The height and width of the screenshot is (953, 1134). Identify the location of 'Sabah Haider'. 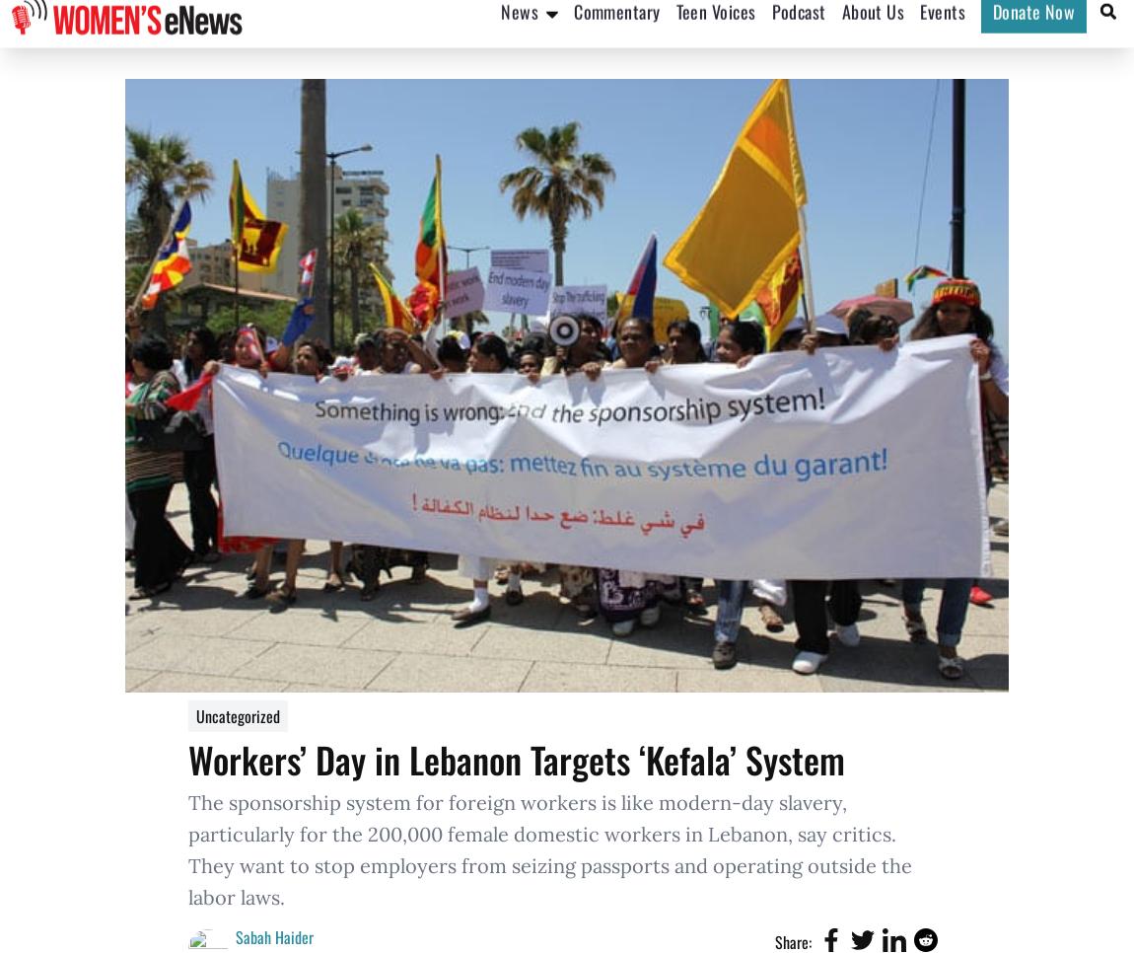
(273, 936).